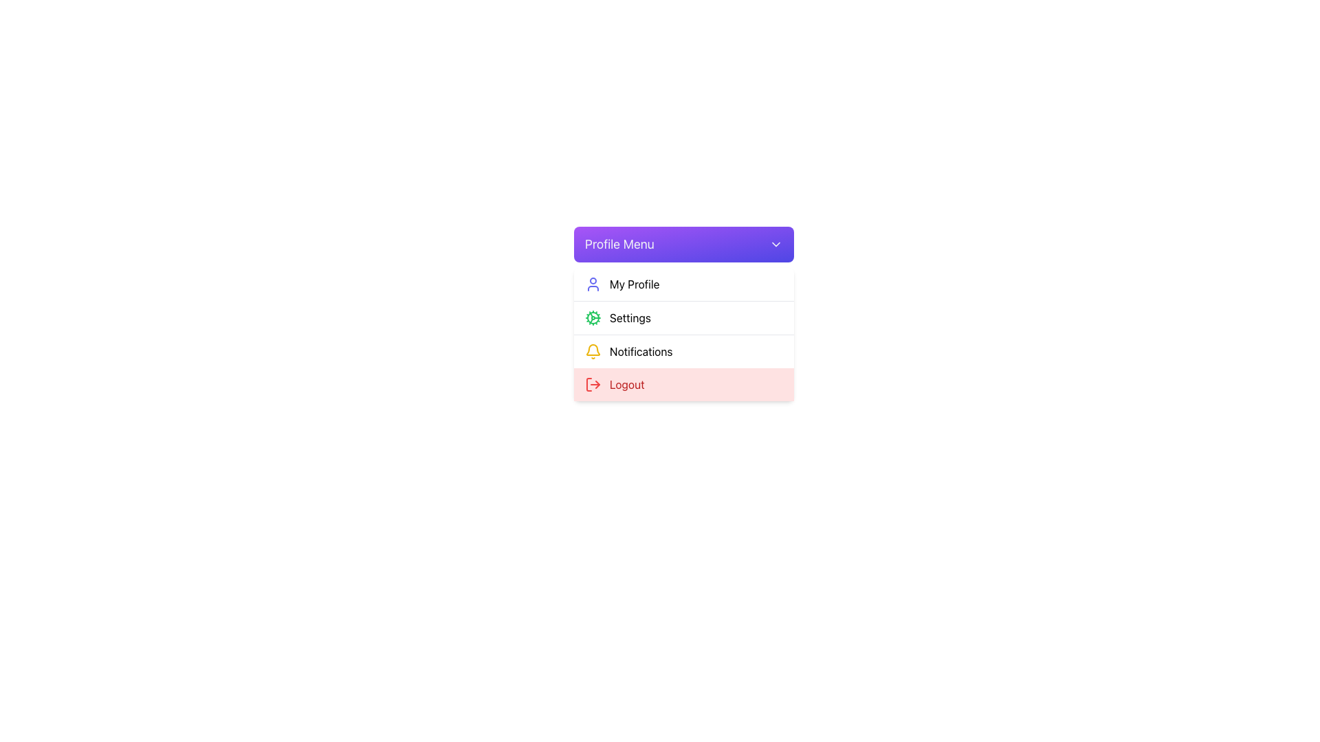  I want to click on the third menu item in the vertical list, which provides access to the notifications section, so click(683, 350).